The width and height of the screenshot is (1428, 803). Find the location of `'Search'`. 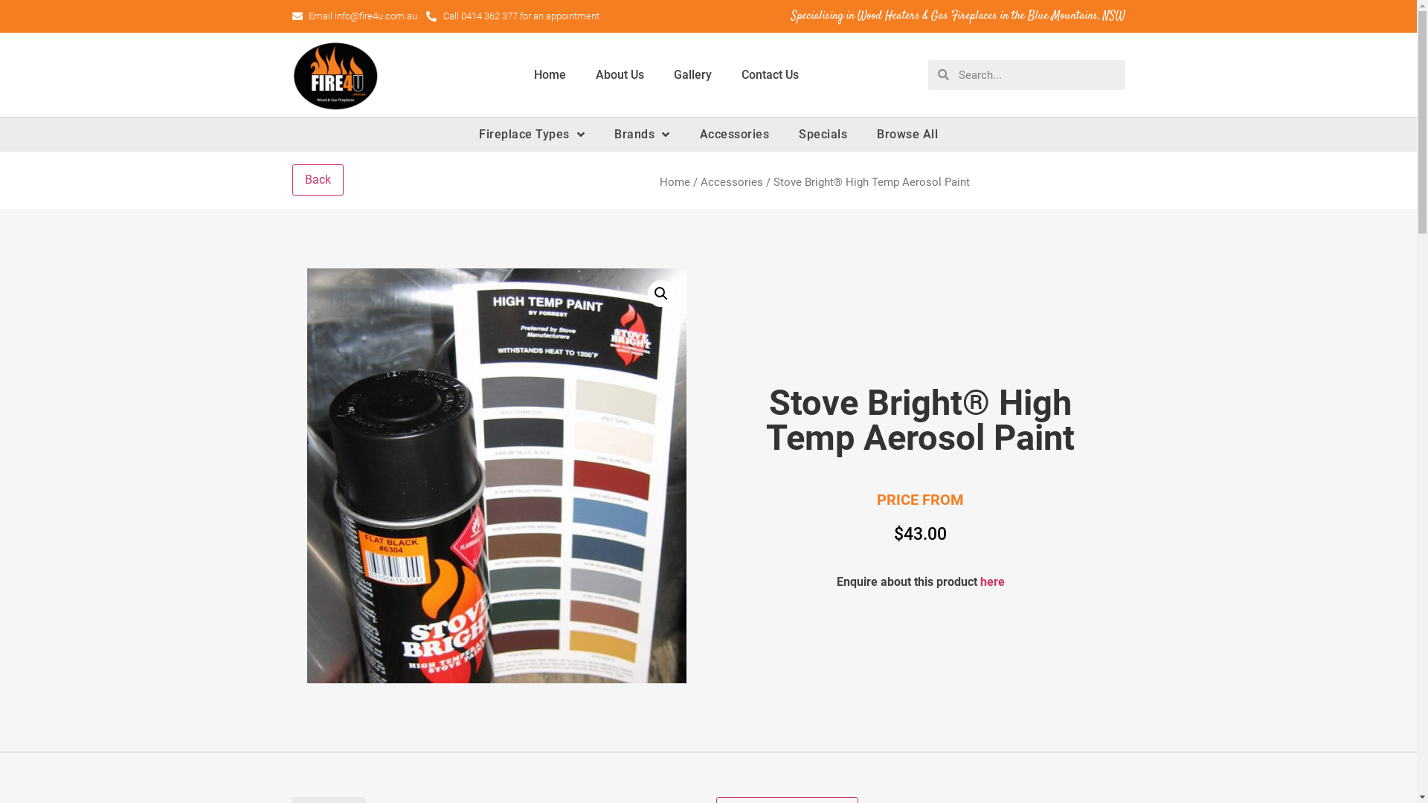

'Search' is located at coordinates (1036, 74).